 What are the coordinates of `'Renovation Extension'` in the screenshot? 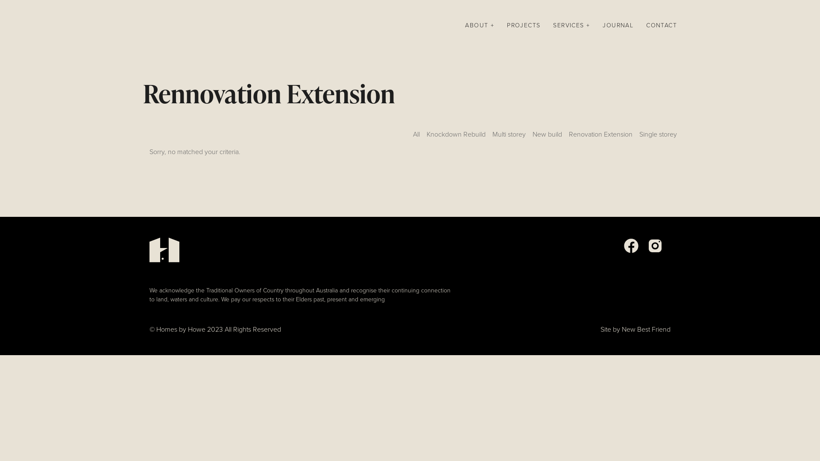 It's located at (600, 137).